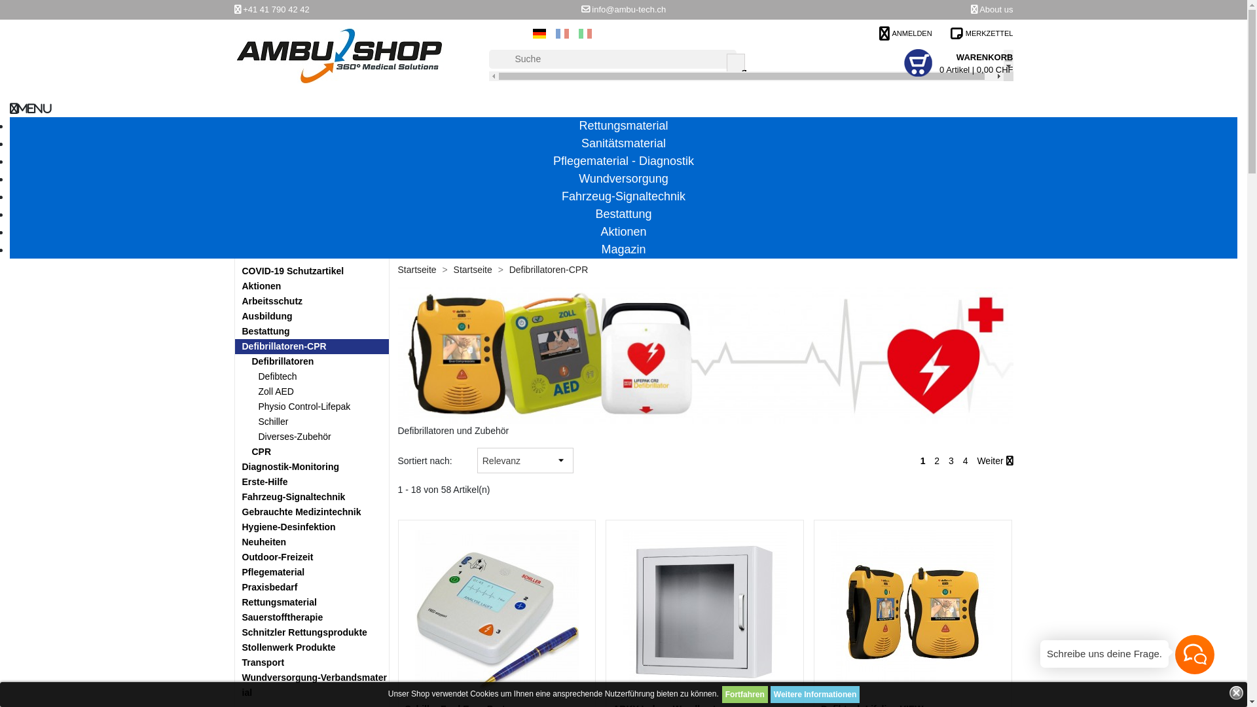 This screenshot has height=707, width=1257. Describe the element at coordinates (310, 450) in the screenshot. I see `'CPR'` at that location.